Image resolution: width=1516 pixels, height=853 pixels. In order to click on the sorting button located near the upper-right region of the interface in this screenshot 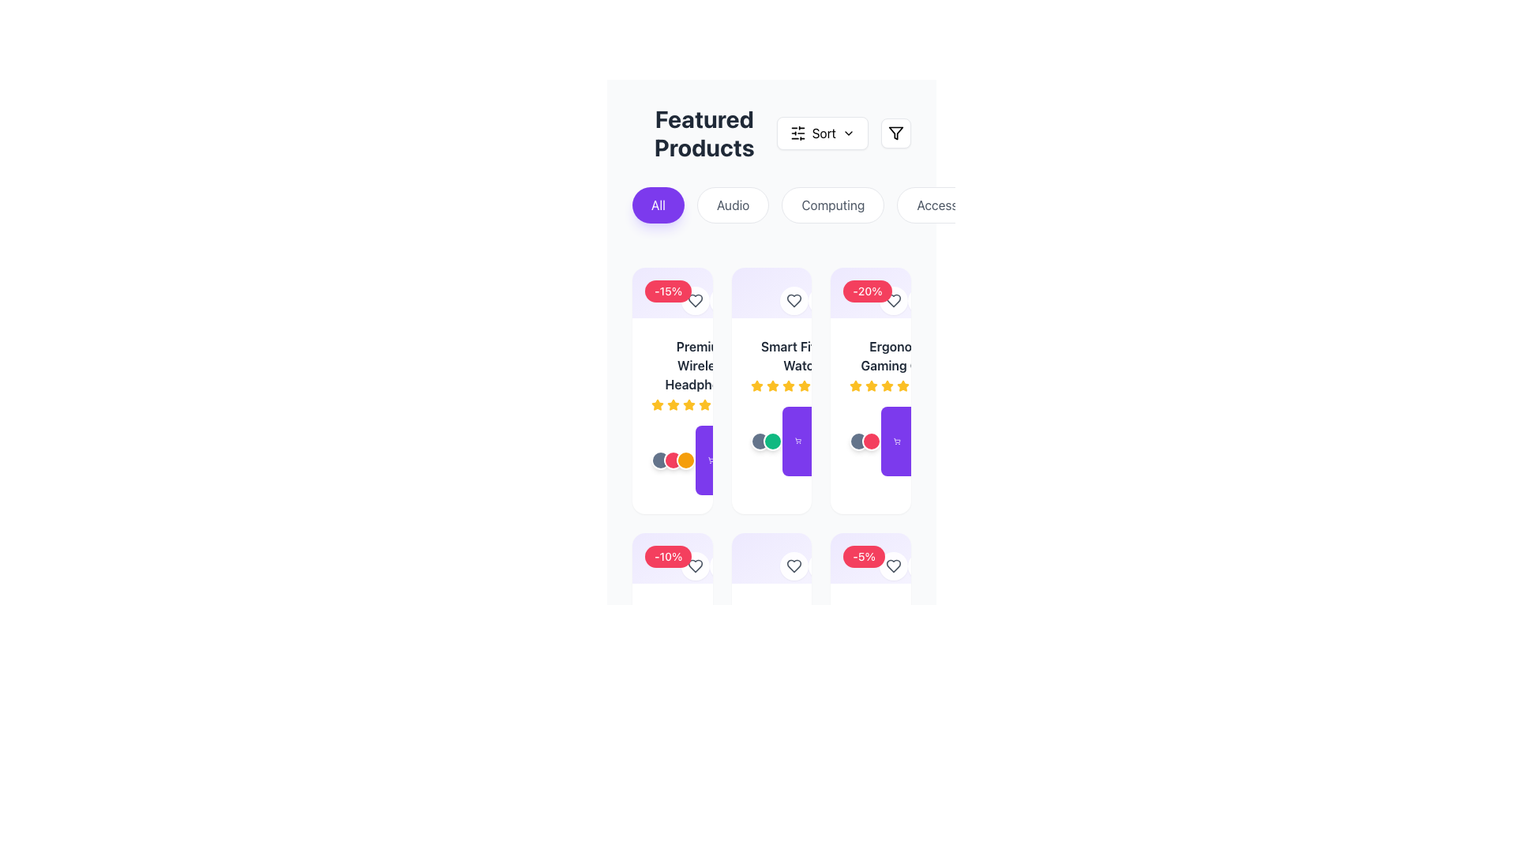, I will do `click(821, 133)`.